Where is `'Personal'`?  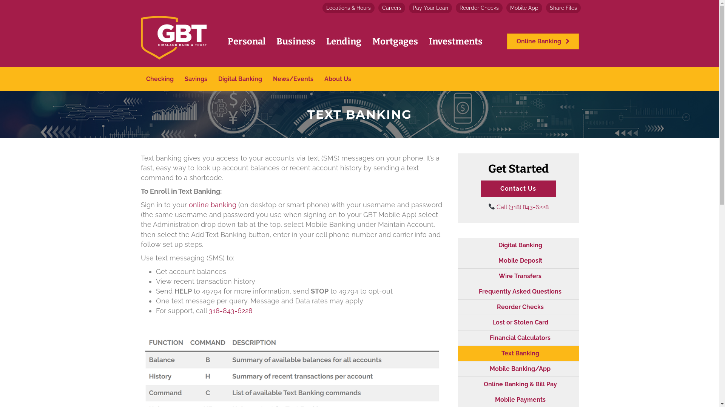 'Personal' is located at coordinates (246, 41).